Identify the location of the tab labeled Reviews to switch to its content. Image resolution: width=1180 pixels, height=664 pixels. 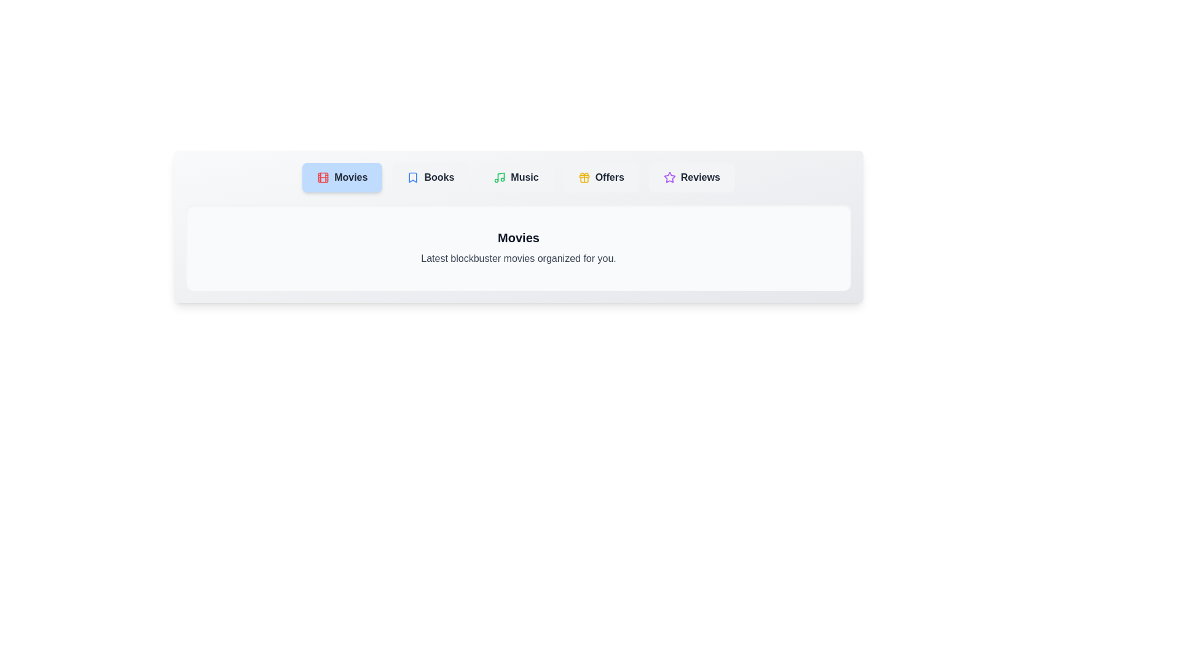
(692, 178).